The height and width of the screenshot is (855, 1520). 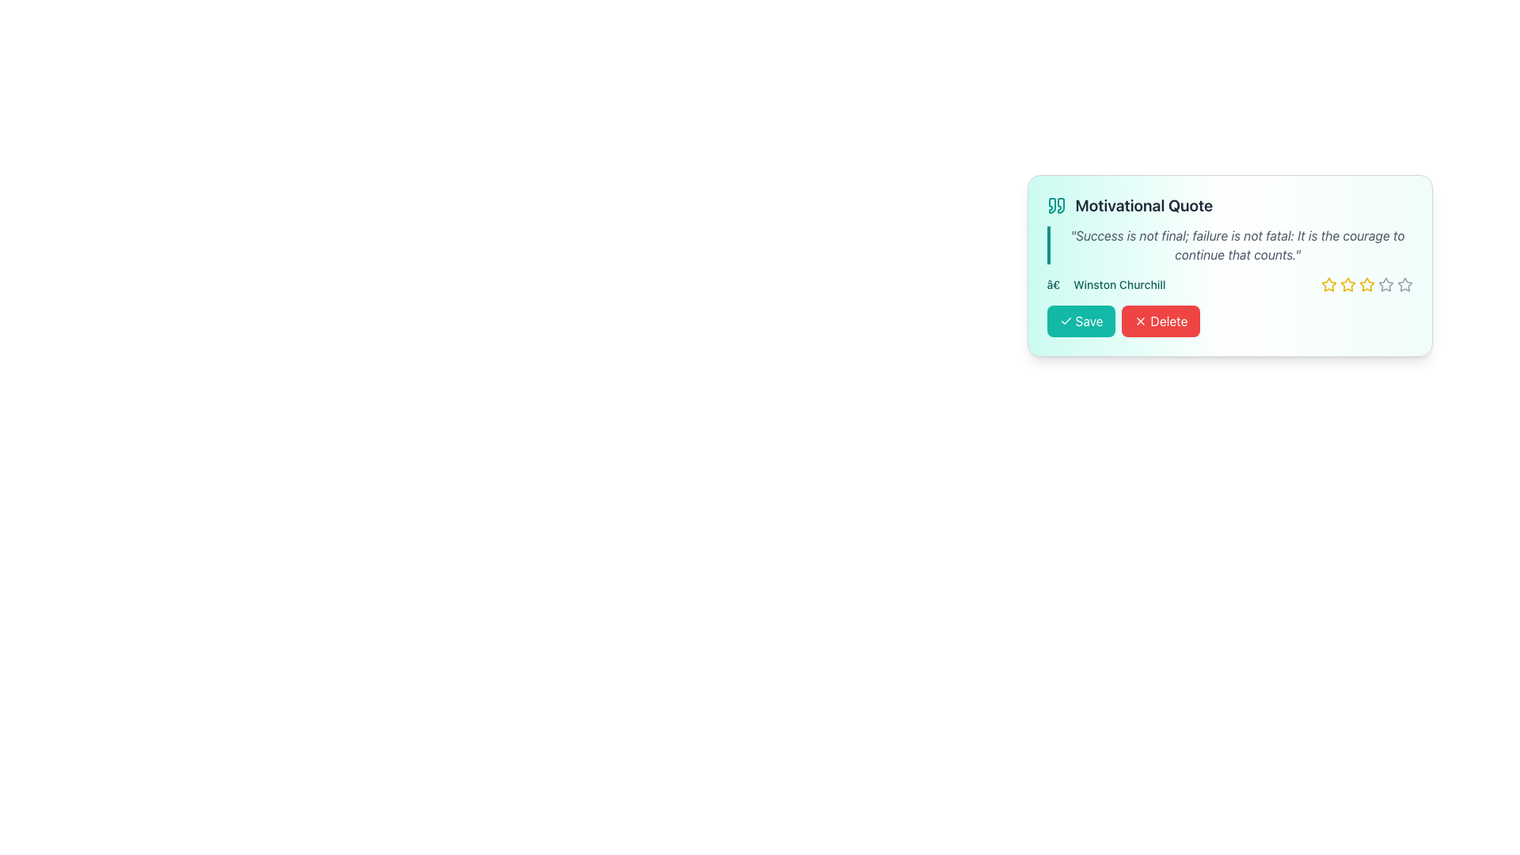 What do you see at coordinates (1385, 283) in the screenshot?
I see `the outlined gray star icon, which is the fifth star in a horizontal row of six rating stars located in the bottom-right portion of a motivational quote card` at bounding box center [1385, 283].